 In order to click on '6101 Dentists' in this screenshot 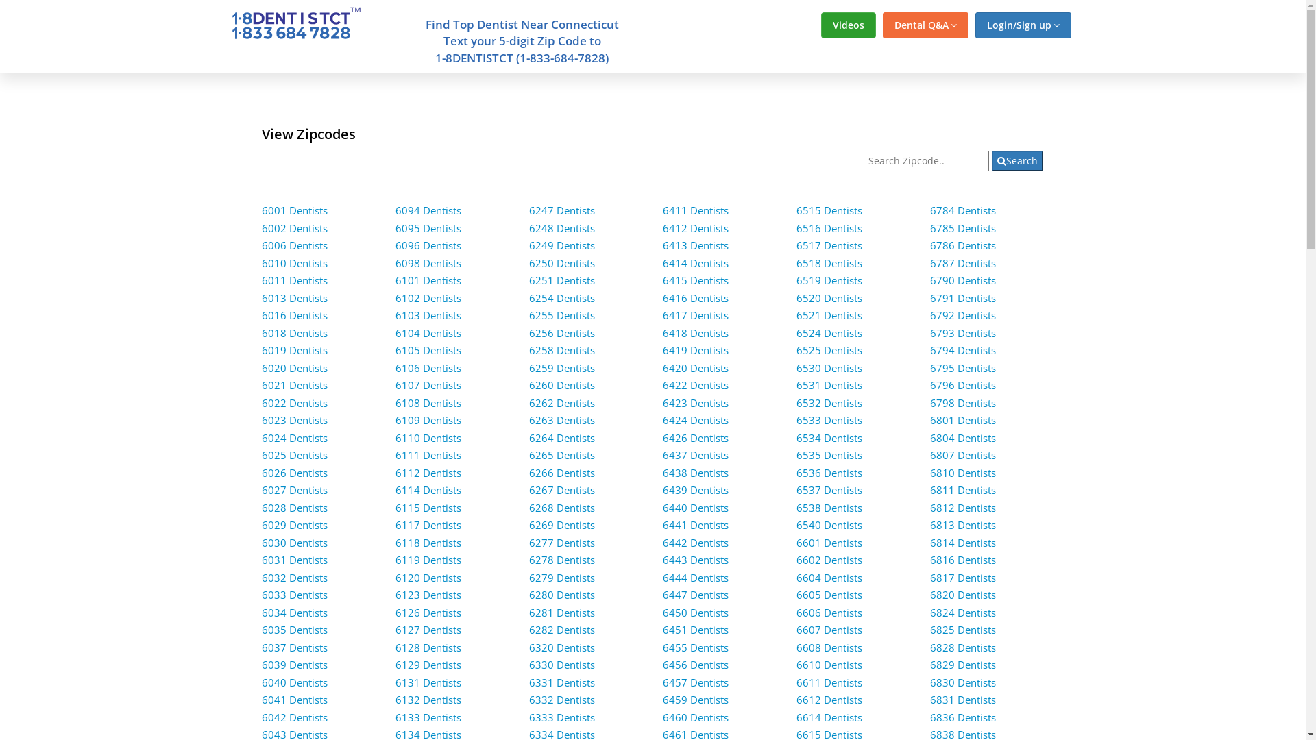, I will do `click(394, 279)`.